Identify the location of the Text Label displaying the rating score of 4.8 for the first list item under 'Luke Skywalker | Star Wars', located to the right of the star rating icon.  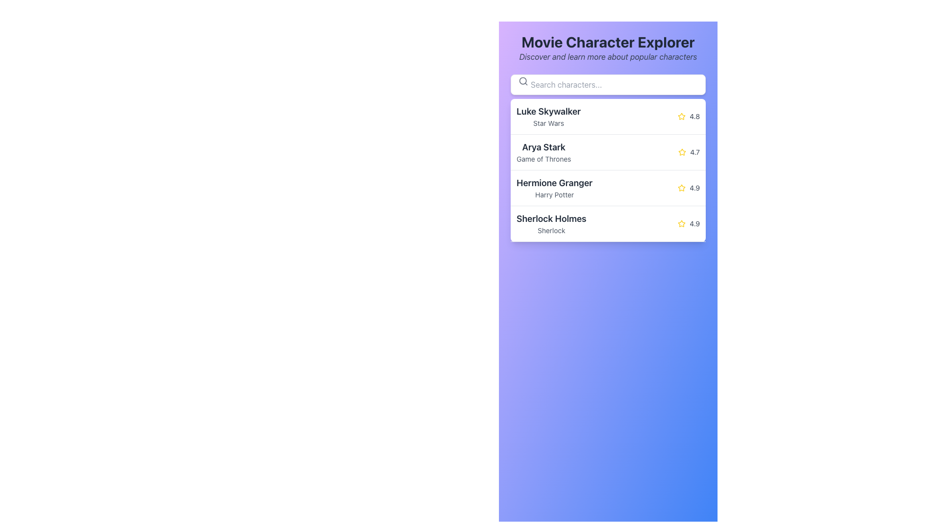
(694, 116).